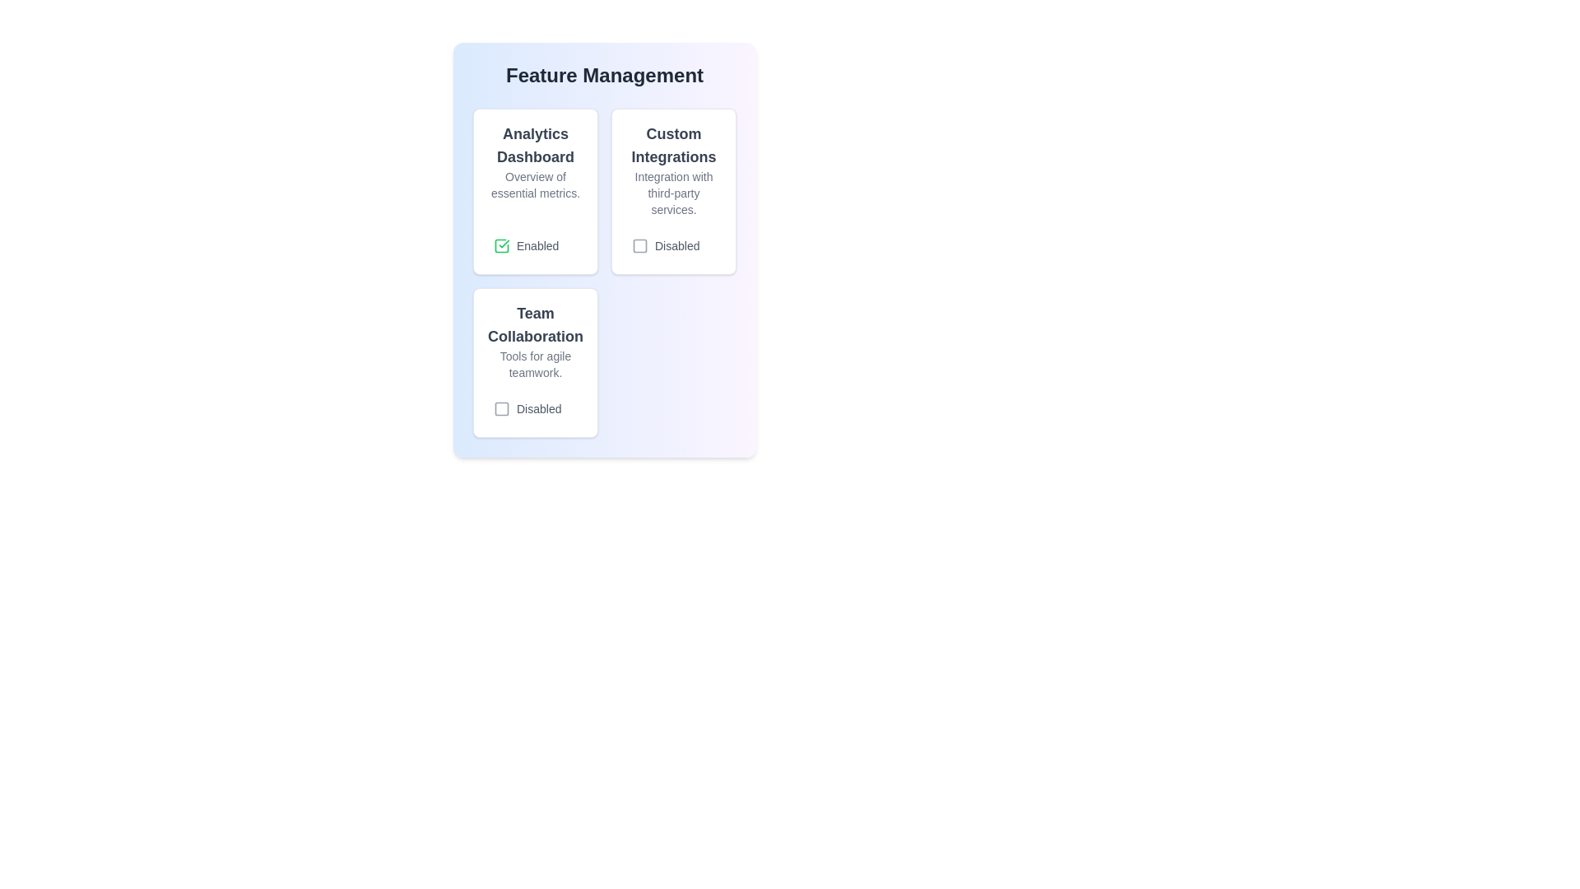 This screenshot has height=889, width=1580. Describe the element at coordinates (674, 145) in the screenshot. I see `the bold text label 'Custom Integrations' located at the top of the second card in the 'Feature Management' section` at that location.